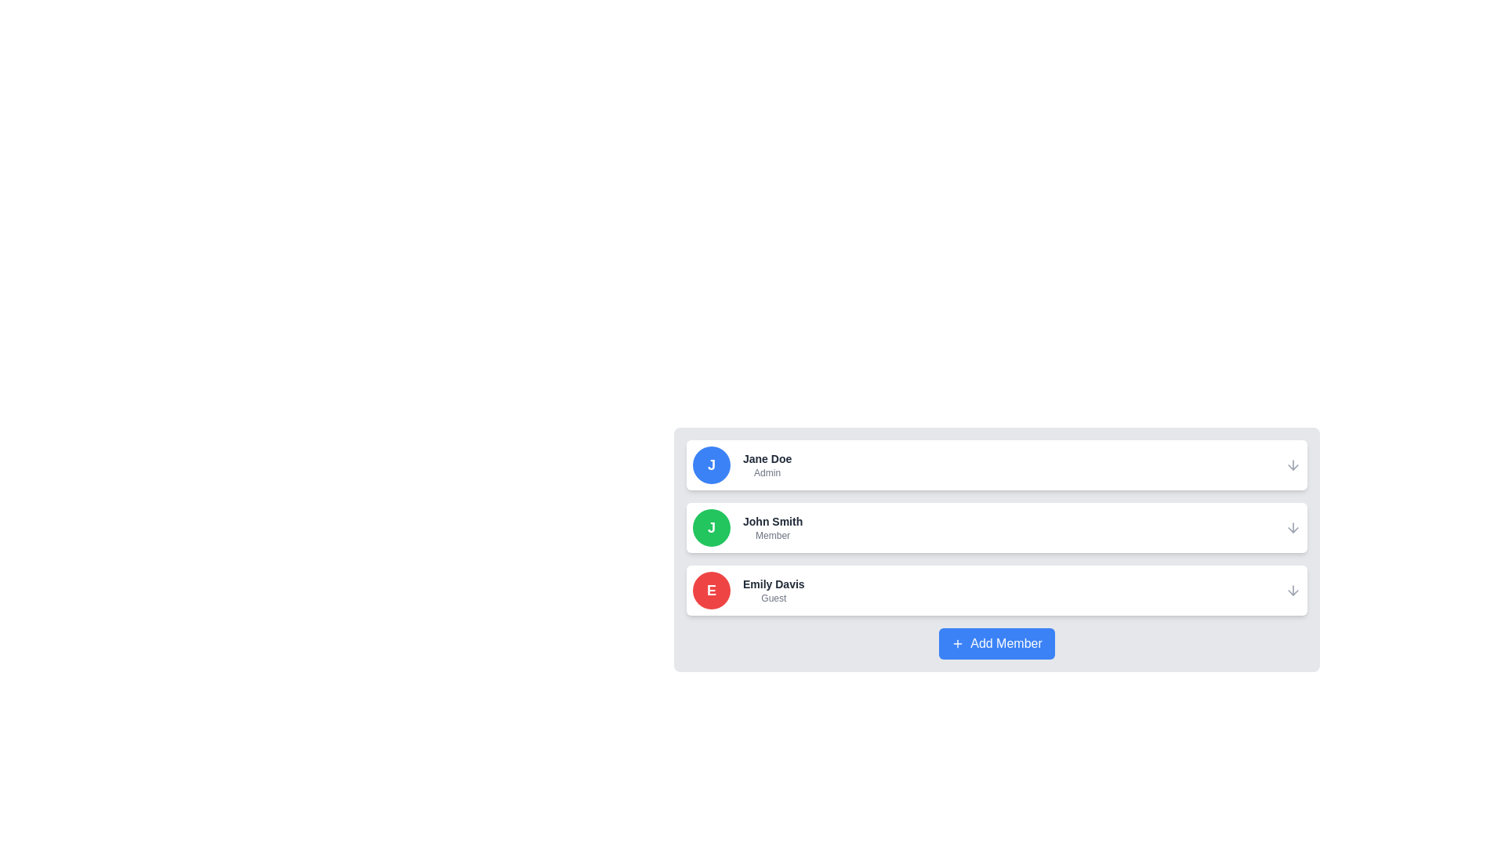  Describe the element at coordinates (773, 534) in the screenshot. I see `the text label displaying 'Member' located beneath 'John Smith' in the member list` at that location.